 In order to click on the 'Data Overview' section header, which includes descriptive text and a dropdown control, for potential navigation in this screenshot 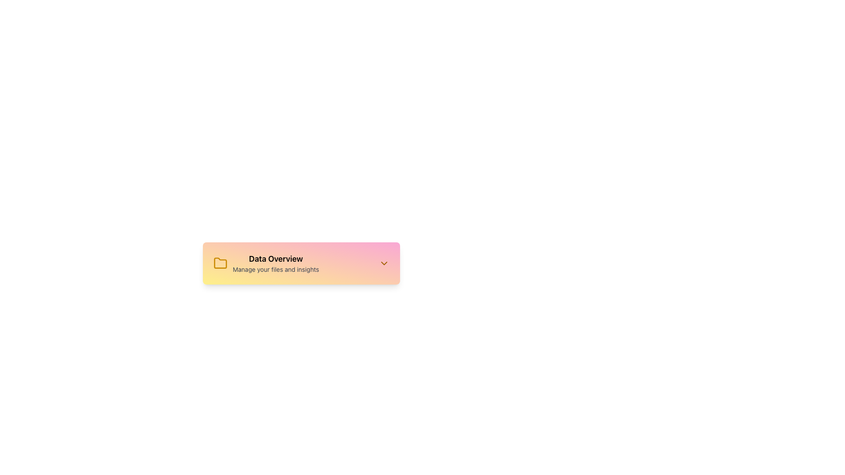, I will do `click(301, 263)`.